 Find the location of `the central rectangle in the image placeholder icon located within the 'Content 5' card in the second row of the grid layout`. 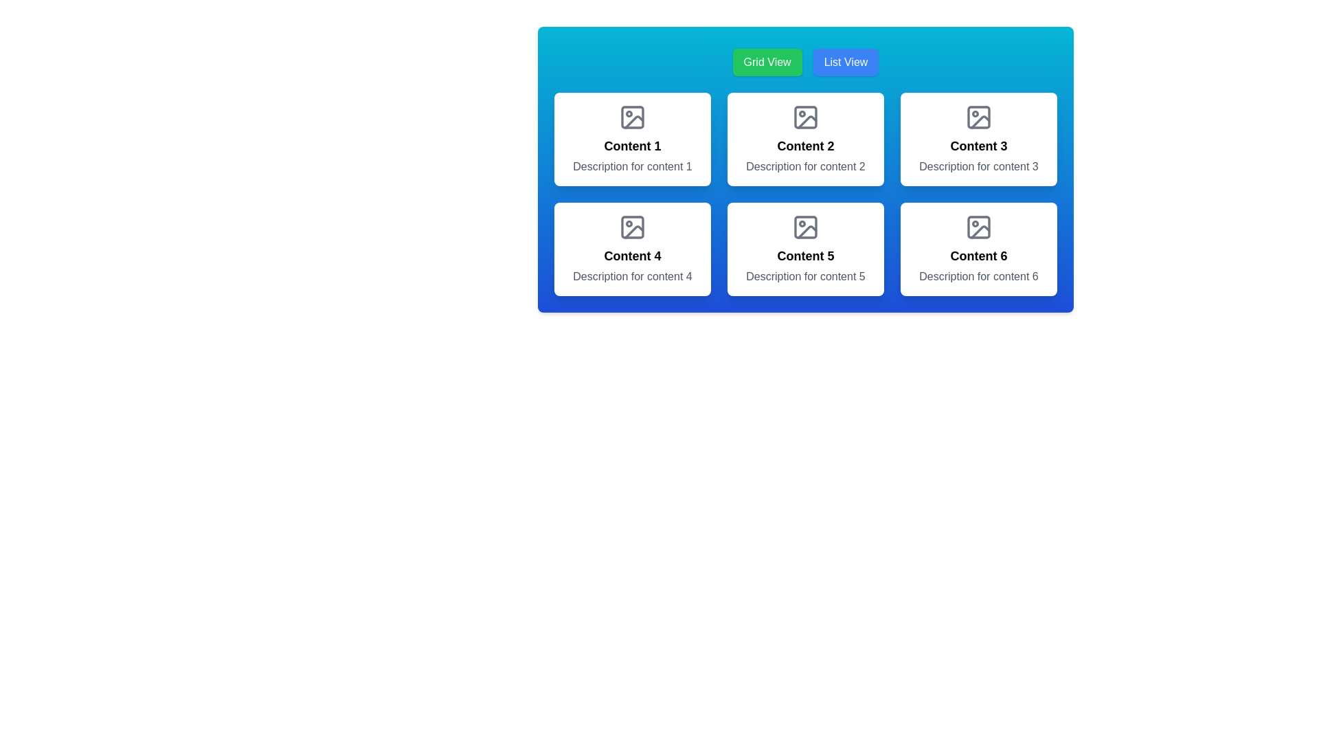

the central rectangle in the image placeholder icon located within the 'Content 5' card in the second row of the grid layout is located at coordinates (805, 227).